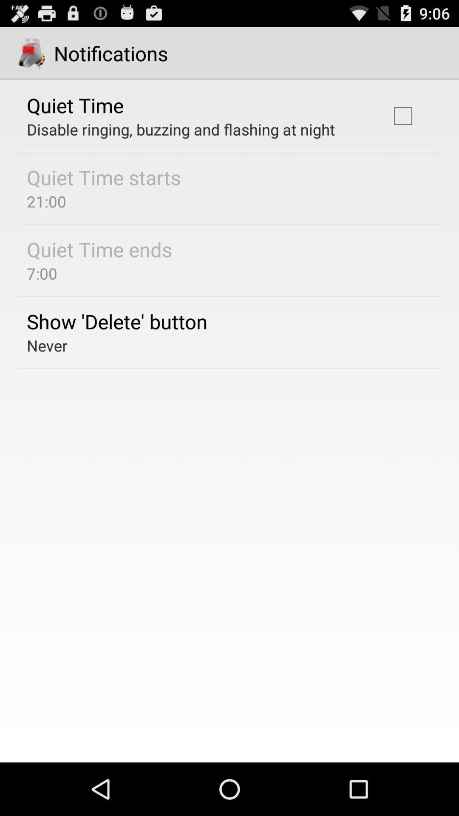 This screenshot has height=816, width=459. I want to click on the icon next to the disable ringing buzzing, so click(402, 116).